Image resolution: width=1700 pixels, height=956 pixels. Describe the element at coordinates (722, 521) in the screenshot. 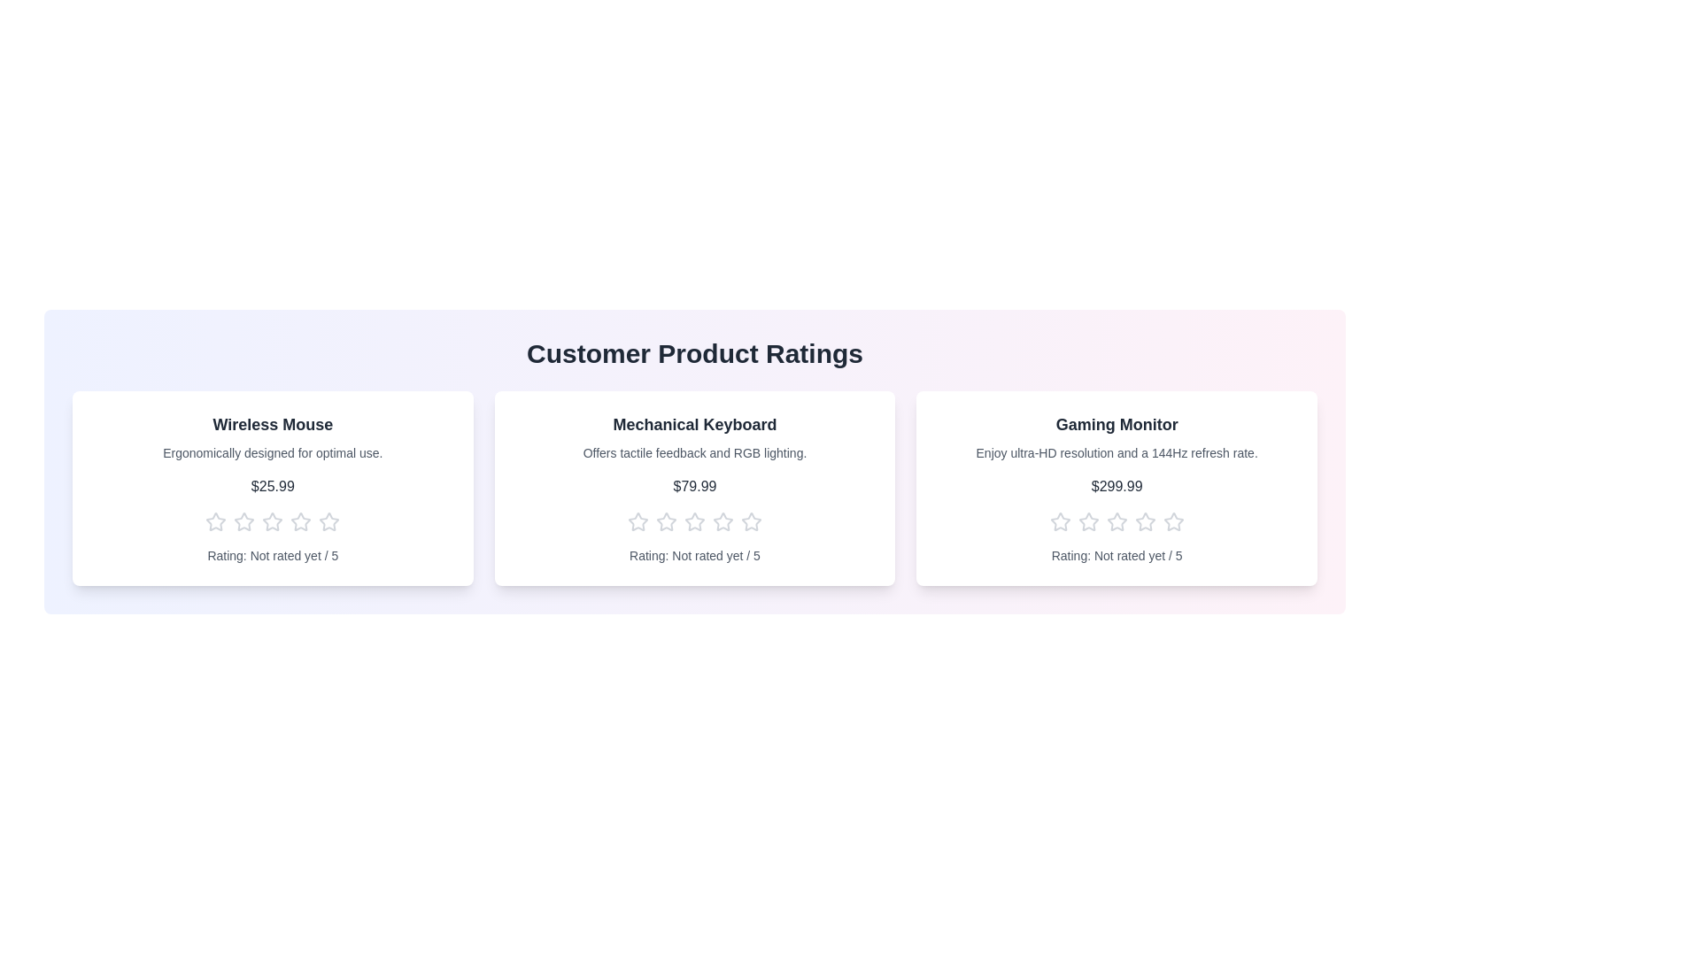

I see `the star corresponding to the rating 4 for the product Mechanical Keyboard` at that location.